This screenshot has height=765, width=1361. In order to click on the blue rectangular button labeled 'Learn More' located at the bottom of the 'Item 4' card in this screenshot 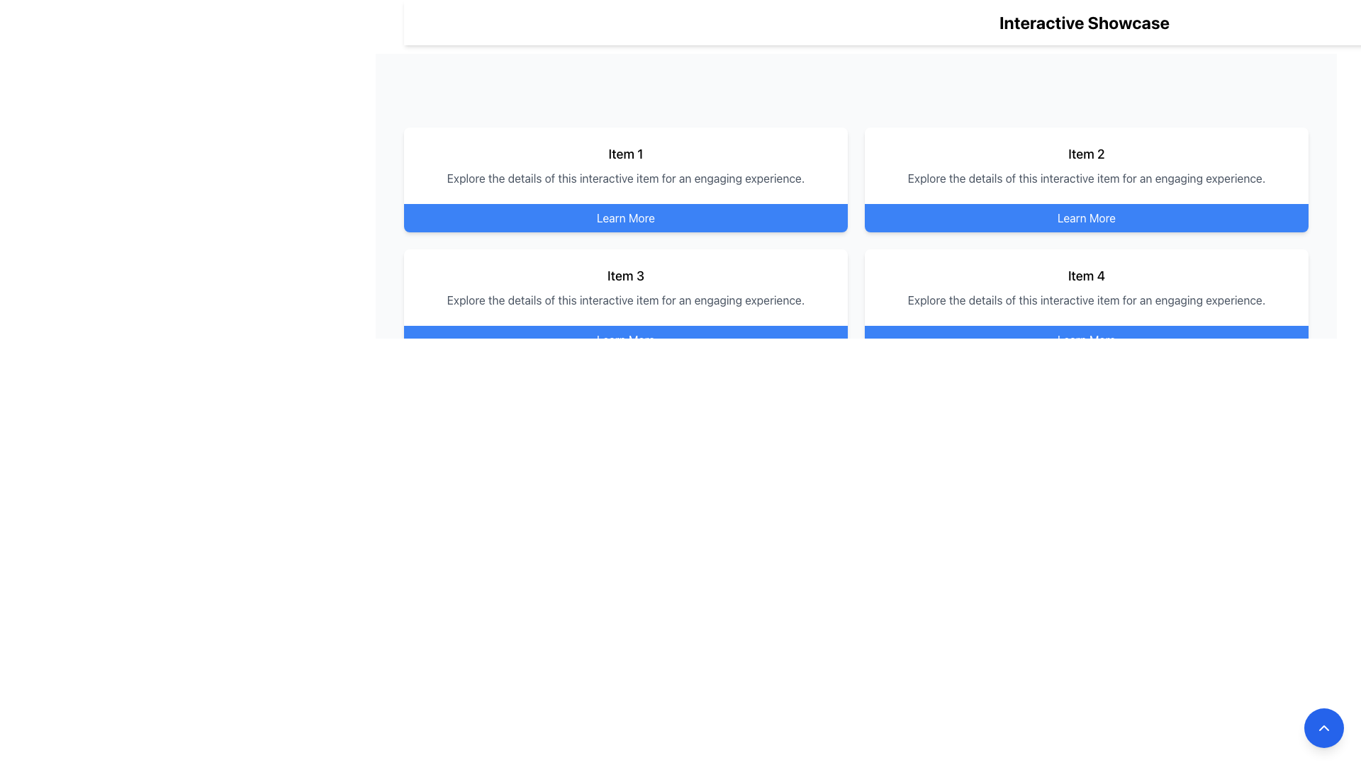, I will do `click(1085, 339)`.